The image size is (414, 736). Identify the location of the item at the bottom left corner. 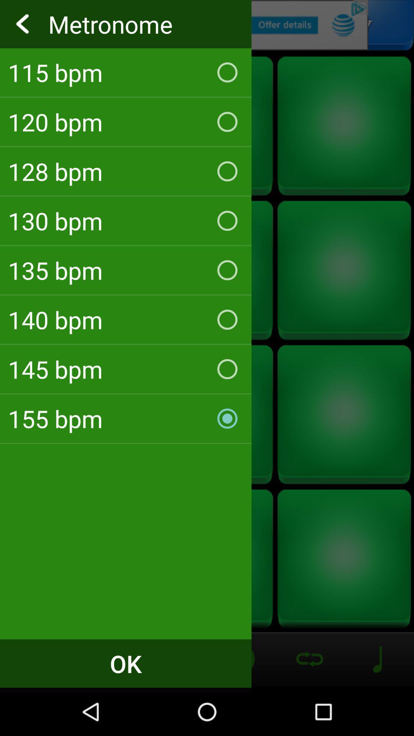
(125, 663).